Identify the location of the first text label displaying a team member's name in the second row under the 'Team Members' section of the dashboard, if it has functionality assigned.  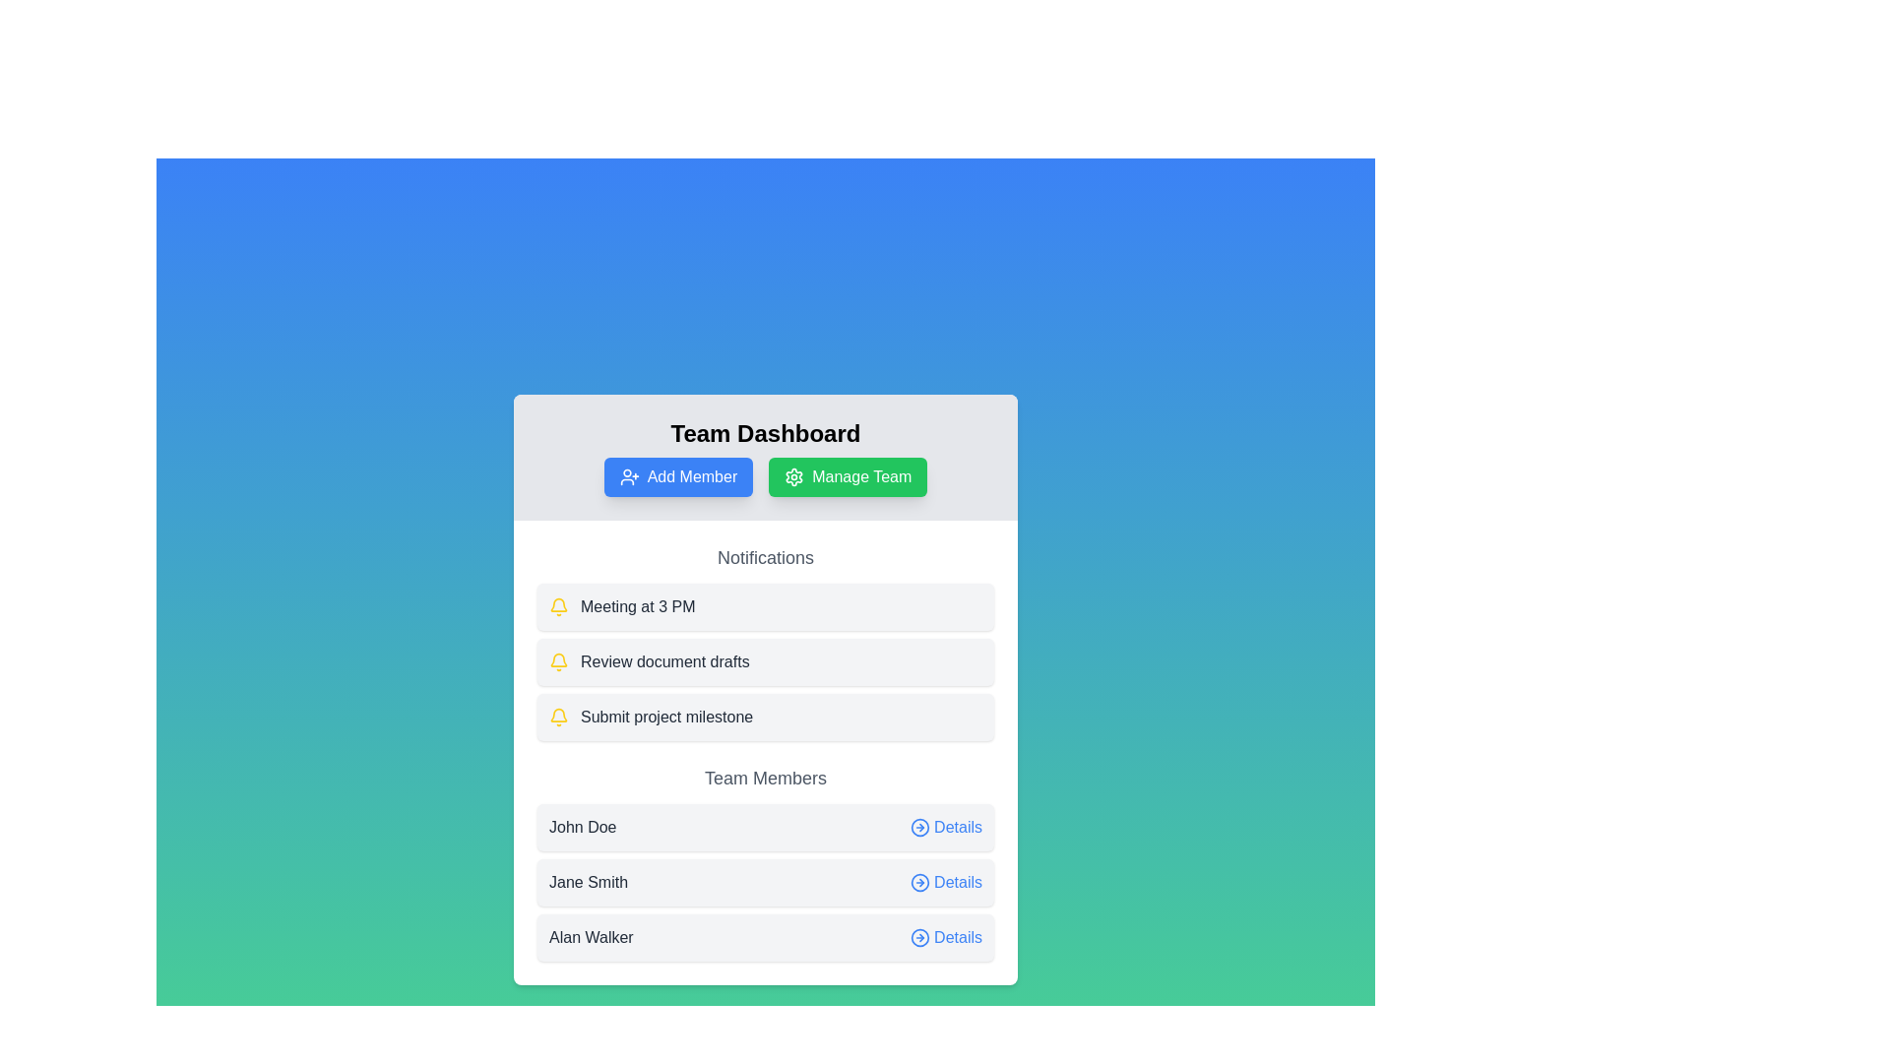
(588, 882).